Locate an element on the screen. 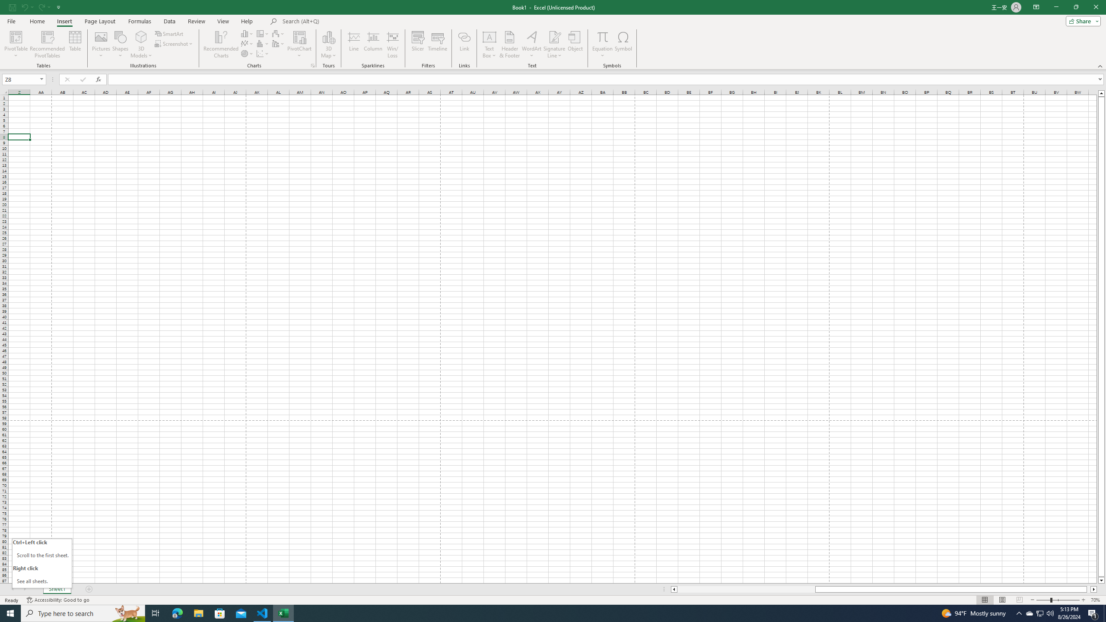 Image resolution: width=1106 pixels, height=622 pixels. 'Timeline' is located at coordinates (437, 44).